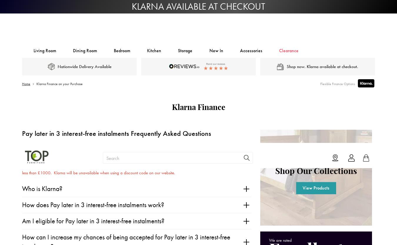 The image size is (397, 245). What do you see at coordinates (302, 40) in the screenshot?
I see `'View Products'` at bounding box center [302, 40].